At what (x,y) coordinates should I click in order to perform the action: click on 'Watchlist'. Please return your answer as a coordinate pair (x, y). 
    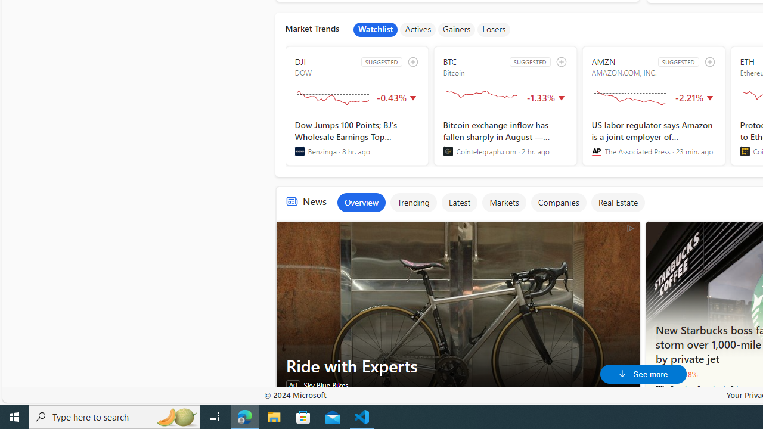
    Looking at the image, I should click on (375, 29).